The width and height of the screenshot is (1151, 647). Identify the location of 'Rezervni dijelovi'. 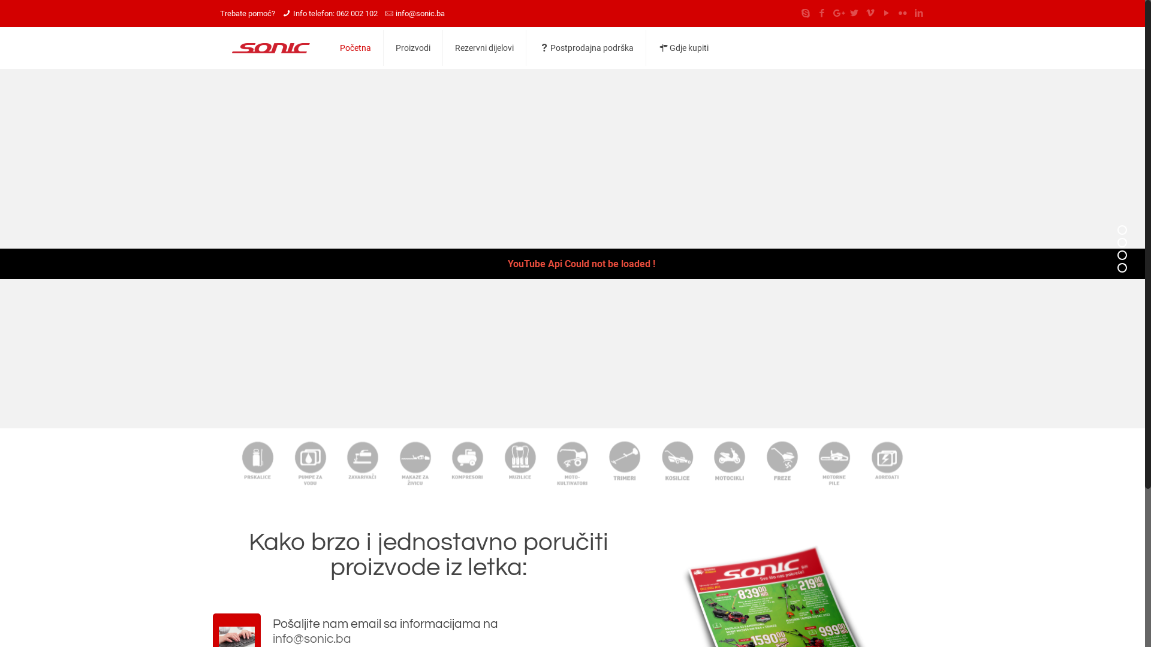
(484, 47).